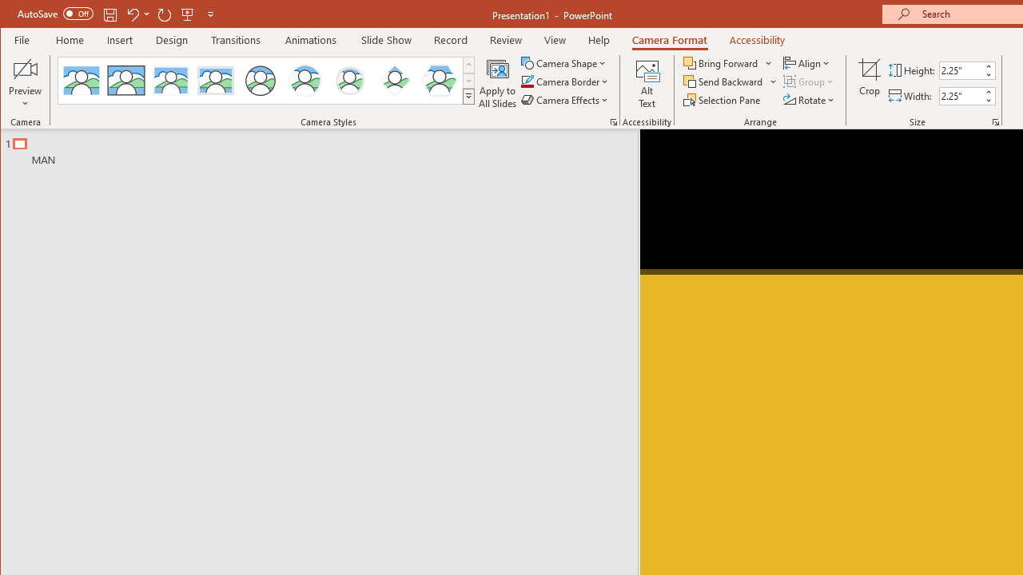 This screenshot has width=1023, height=575. What do you see at coordinates (647, 83) in the screenshot?
I see `'Alt Text'` at bounding box center [647, 83].